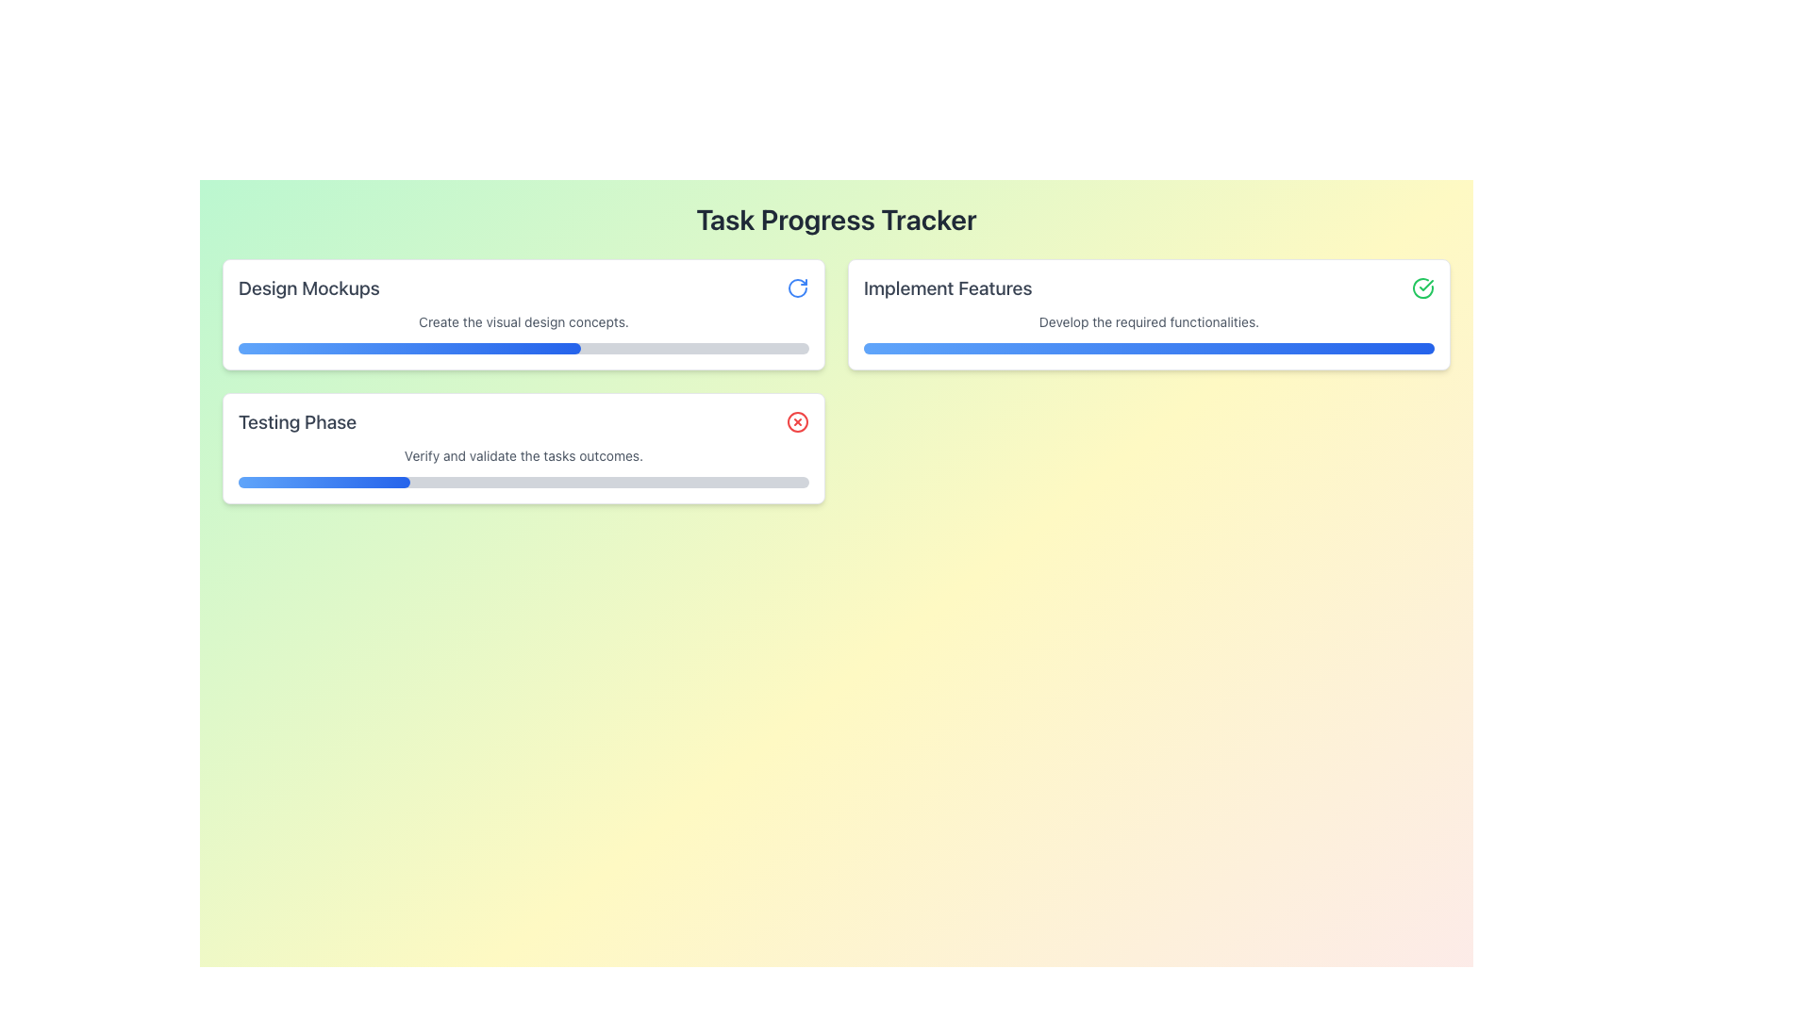 Image resolution: width=1811 pixels, height=1018 pixels. Describe the element at coordinates (523, 349) in the screenshot. I see `the Progress Bar located in the 'Design Mockups' section, below the text 'Create the visual design concepts.', to indirectly influence related task actions` at that location.